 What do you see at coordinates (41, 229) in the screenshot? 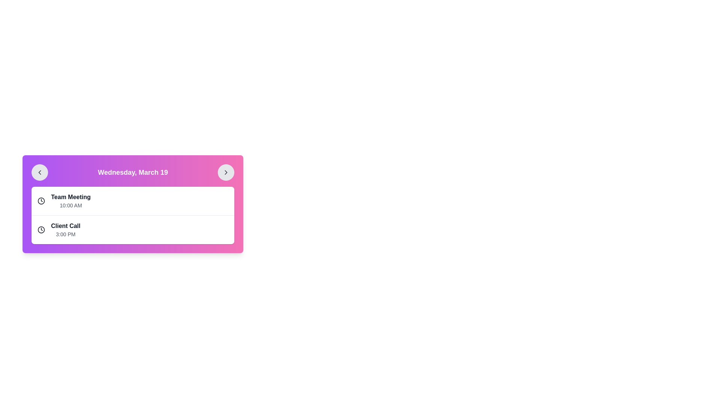
I see `the clock icon, which signifies time-related information and is located to the left of the text 'Client Call' and '3:00 PM'` at bounding box center [41, 229].